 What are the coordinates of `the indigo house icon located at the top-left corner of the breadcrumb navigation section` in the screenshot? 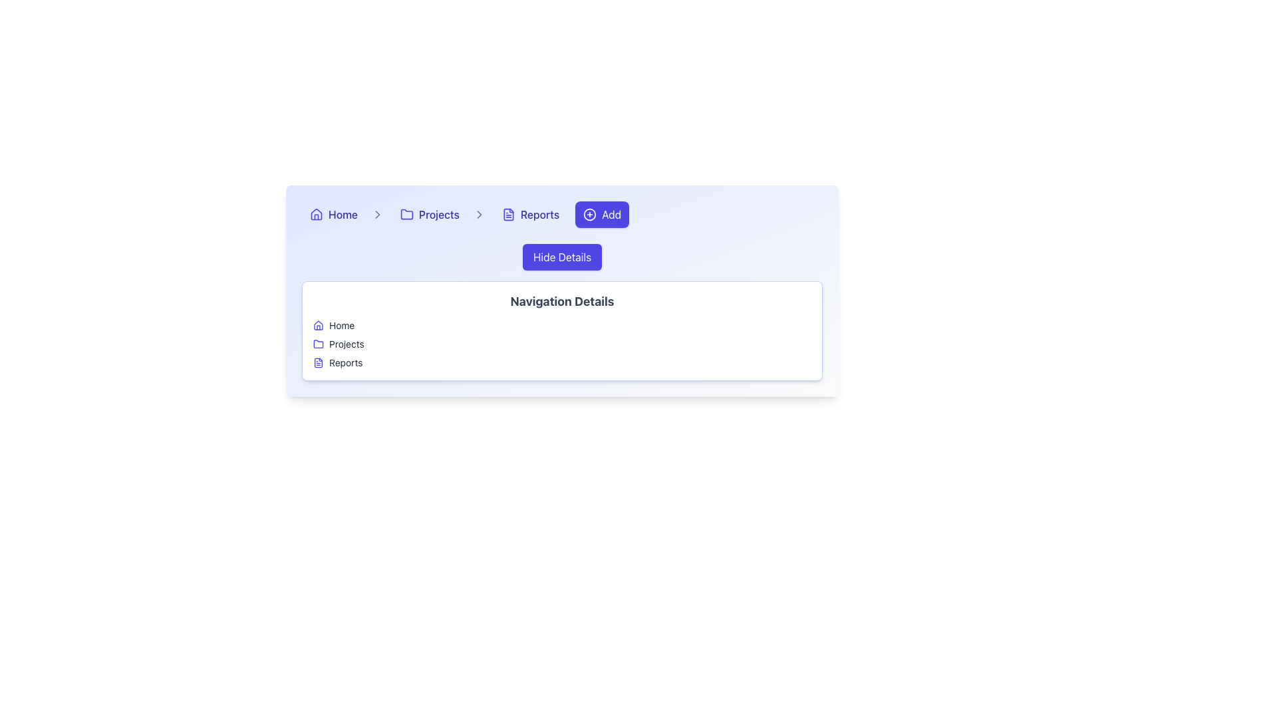 It's located at (318, 325).